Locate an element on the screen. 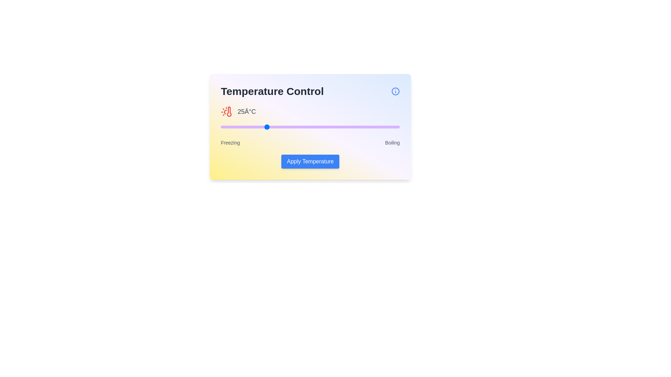 The width and height of the screenshot is (671, 377). the temperature slider to 32 percent is located at coordinates (277, 127).